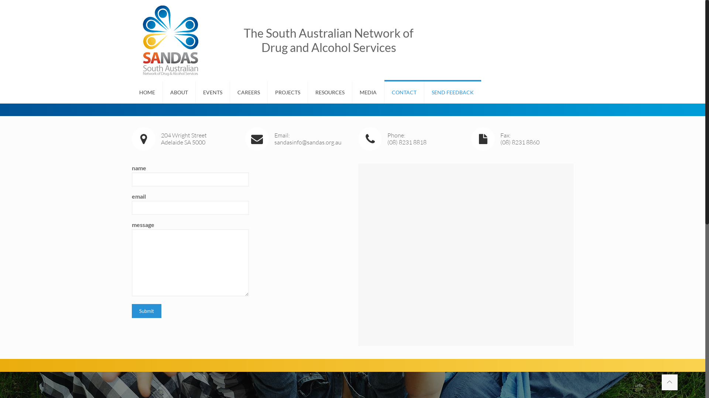 The height and width of the screenshot is (398, 709). What do you see at coordinates (329, 92) in the screenshot?
I see `'RESOURCES'` at bounding box center [329, 92].